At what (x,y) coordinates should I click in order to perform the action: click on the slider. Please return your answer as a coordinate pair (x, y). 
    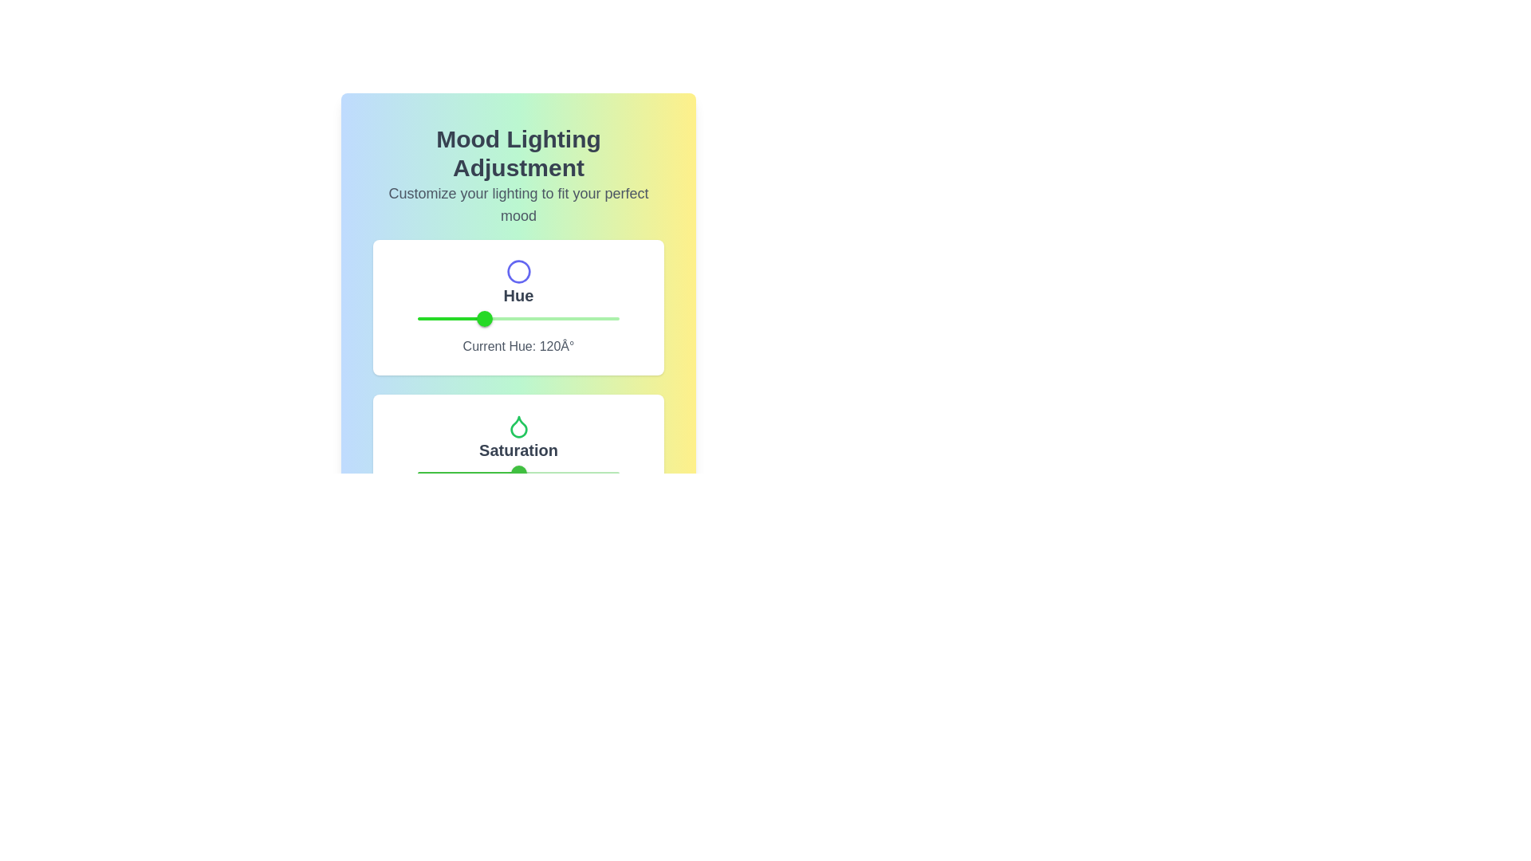
    Looking at the image, I should click on (555, 473).